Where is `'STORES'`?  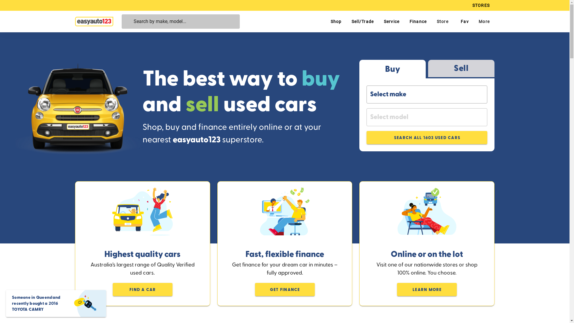
'STORES' is located at coordinates (481, 5).